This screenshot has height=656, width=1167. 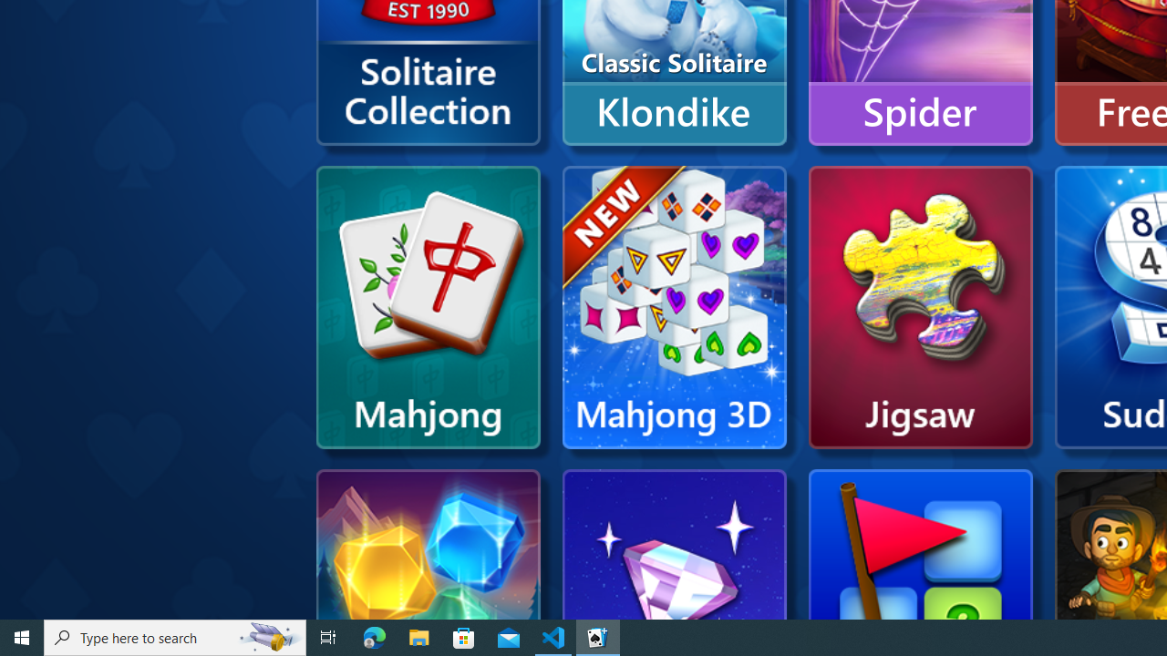 What do you see at coordinates (920, 306) in the screenshot?
I see `'Microsoft Jigsaw'` at bounding box center [920, 306].